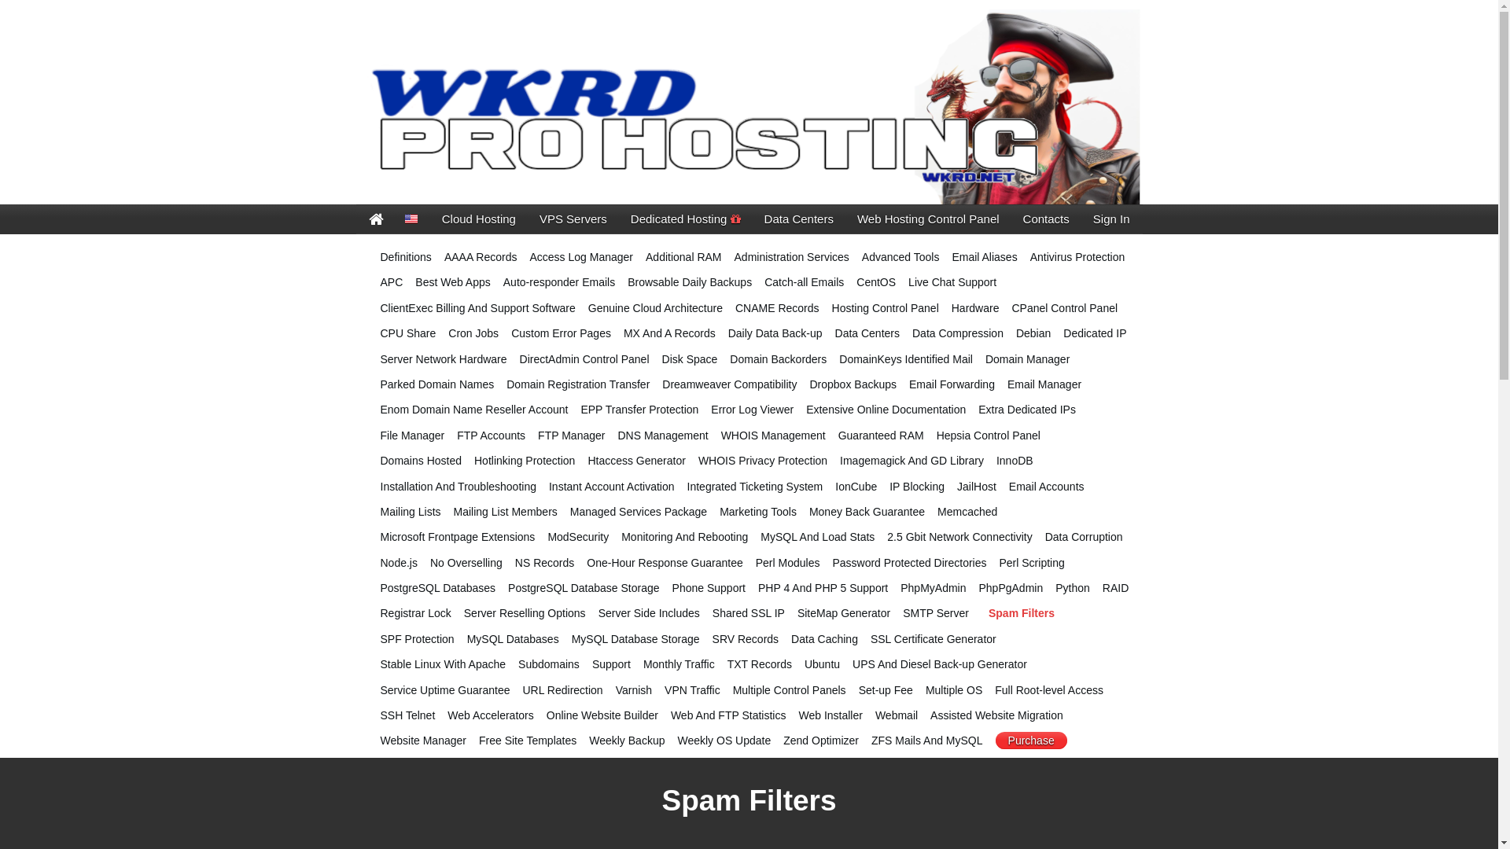  Describe the element at coordinates (457, 485) in the screenshot. I see `'Installation And Troubleshooting'` at that location.